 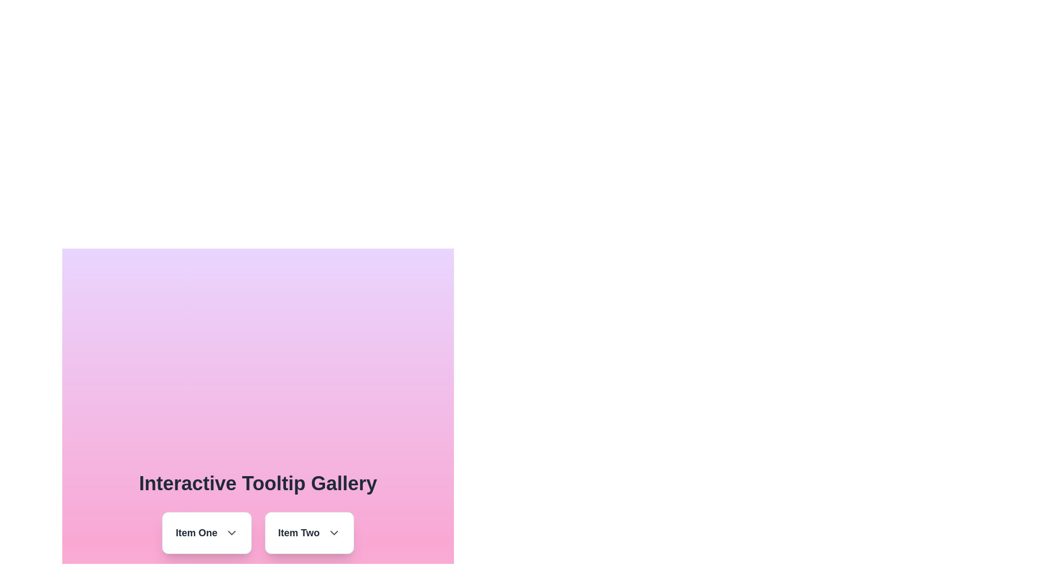 I want to click on the dropdown menu labeled 'Item Two', so click(x=309, y=532).